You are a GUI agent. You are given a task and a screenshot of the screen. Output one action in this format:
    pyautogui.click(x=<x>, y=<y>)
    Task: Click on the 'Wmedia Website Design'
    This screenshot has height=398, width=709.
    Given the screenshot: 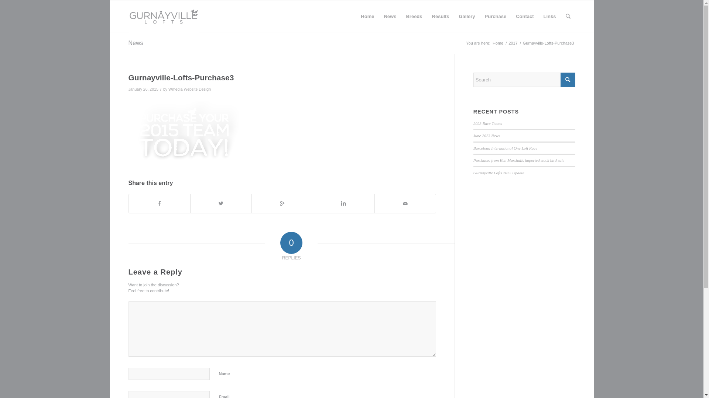 What is the action you would take?
    pyautogui.click(x=189, y=89)
    